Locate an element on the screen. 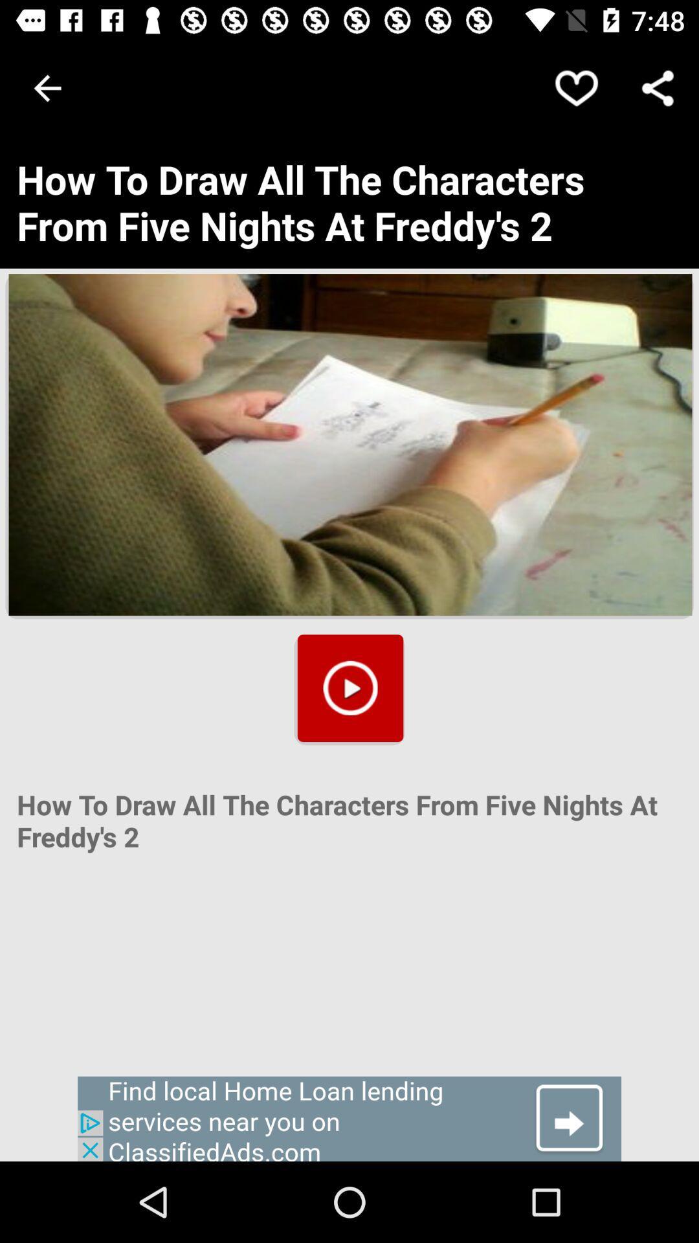  advertisement is located at coordinates (349, 1118).